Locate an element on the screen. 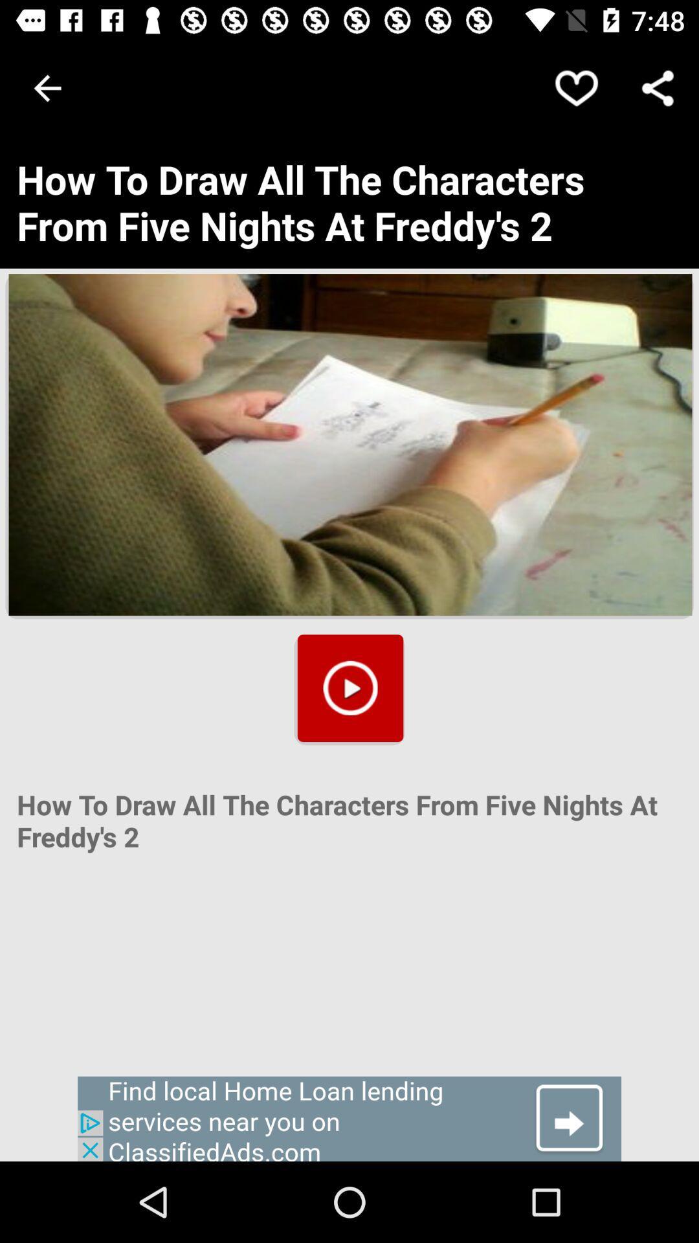  advertisement is located at coordinates (349, 1118).